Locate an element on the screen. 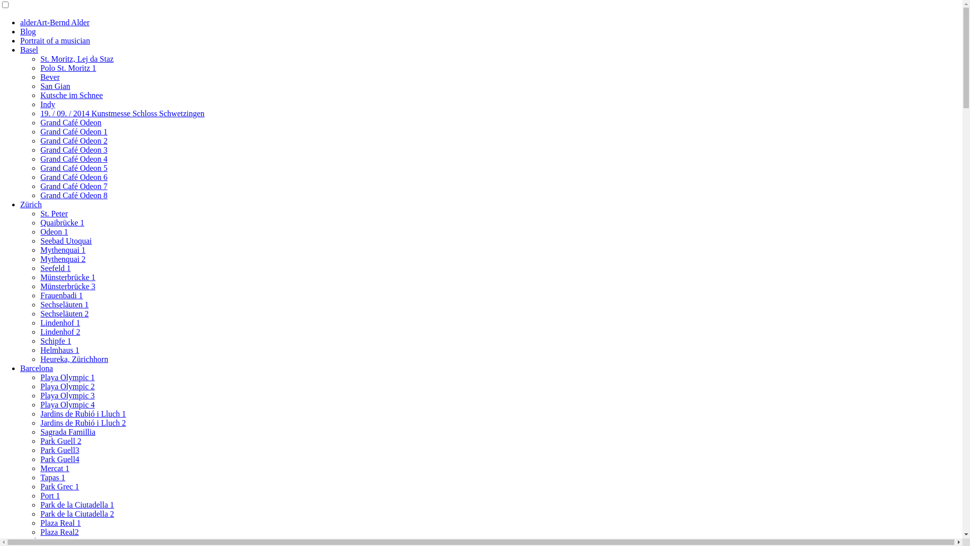  'Park Guell3' is located at coordinates (59, 449).